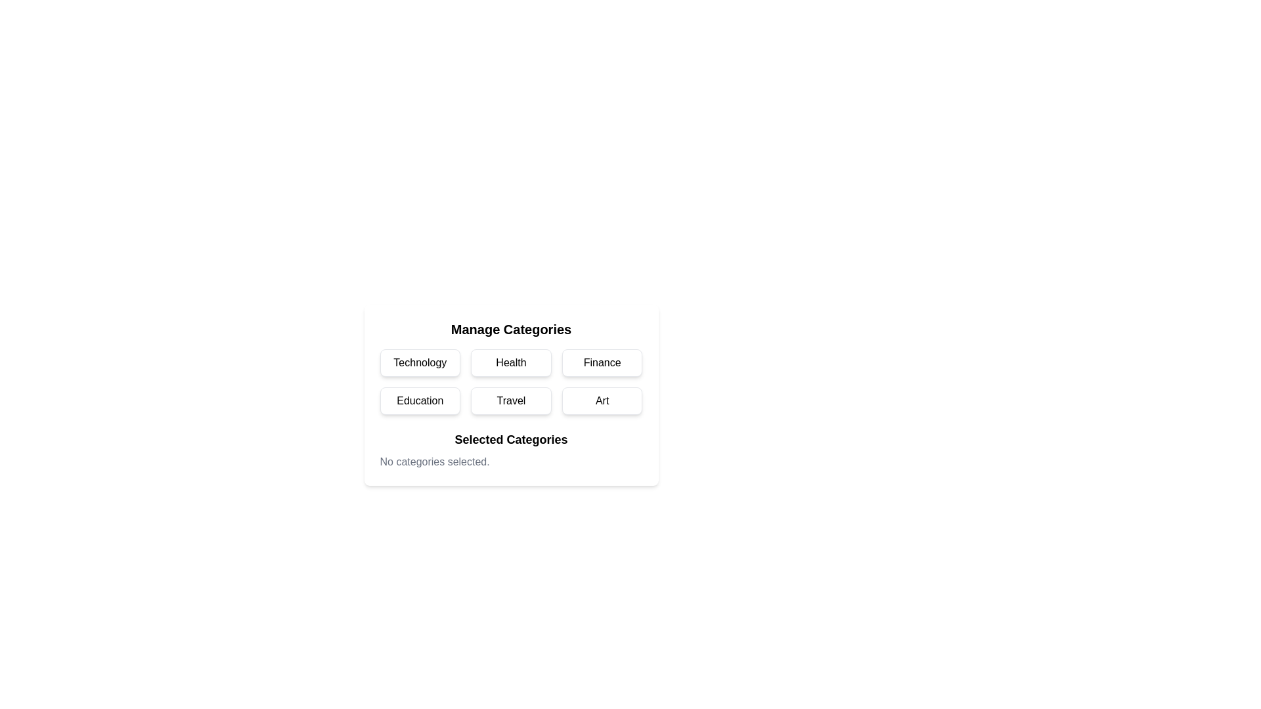  I want to click on the 'Art' category selector button located at the bottom right corner of the grid, so click(602, 400).